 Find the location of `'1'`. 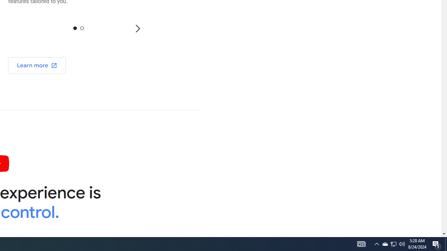

'1' is located at coordinates (82, 28).